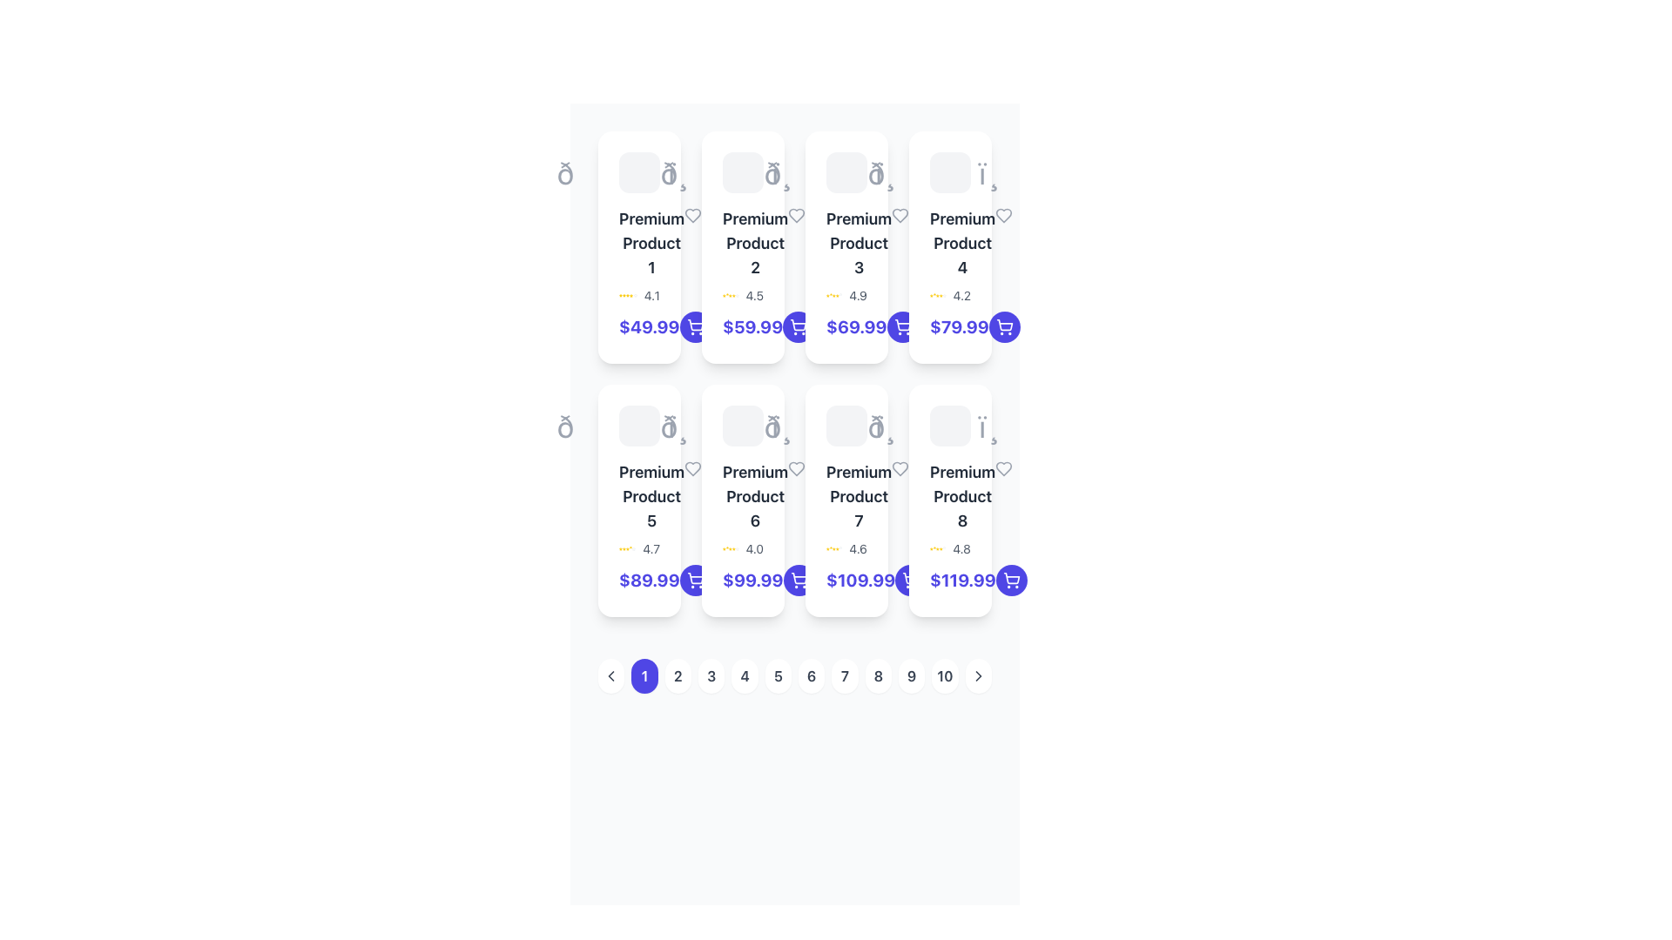 Image resolution: width=1672 pixels, height=940 pixels. What do you see at coordinates (1004, 468) in the screenshot?
I see `the favorite button located in the bottom row, rightmost position of the Premium Product 8 card to mark the product as a favorite` at bounding box center [1004, 468].